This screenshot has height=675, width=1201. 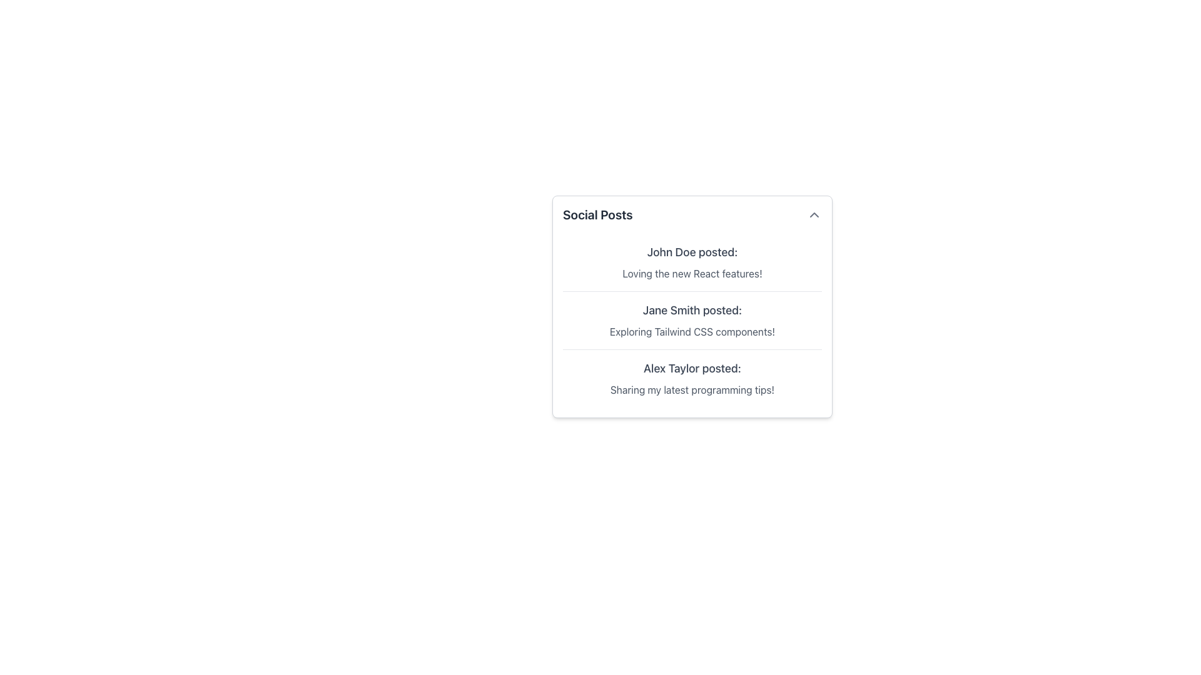 I want to click on the static text that reads 'Sharing my latest programming tips!' located below the bold label 'Alex Taylor posted:' by clicking on its center, so click(x=692, y=389).